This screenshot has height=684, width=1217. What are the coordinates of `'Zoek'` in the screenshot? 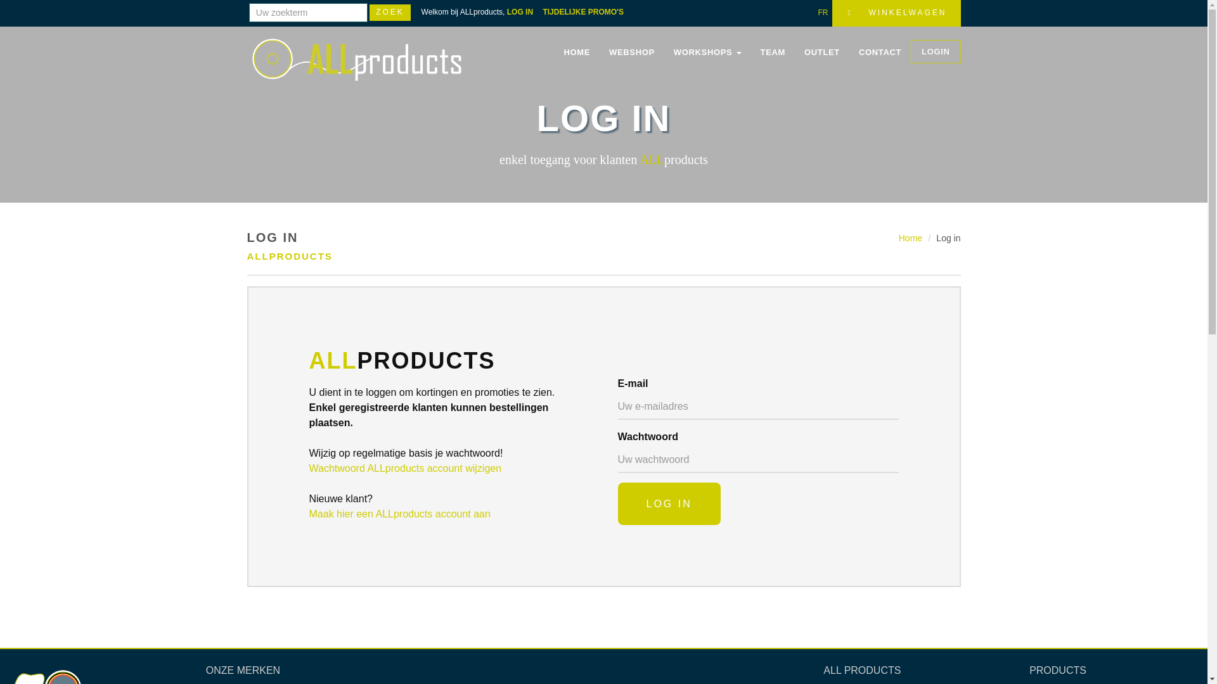 It's located at (389, 12).